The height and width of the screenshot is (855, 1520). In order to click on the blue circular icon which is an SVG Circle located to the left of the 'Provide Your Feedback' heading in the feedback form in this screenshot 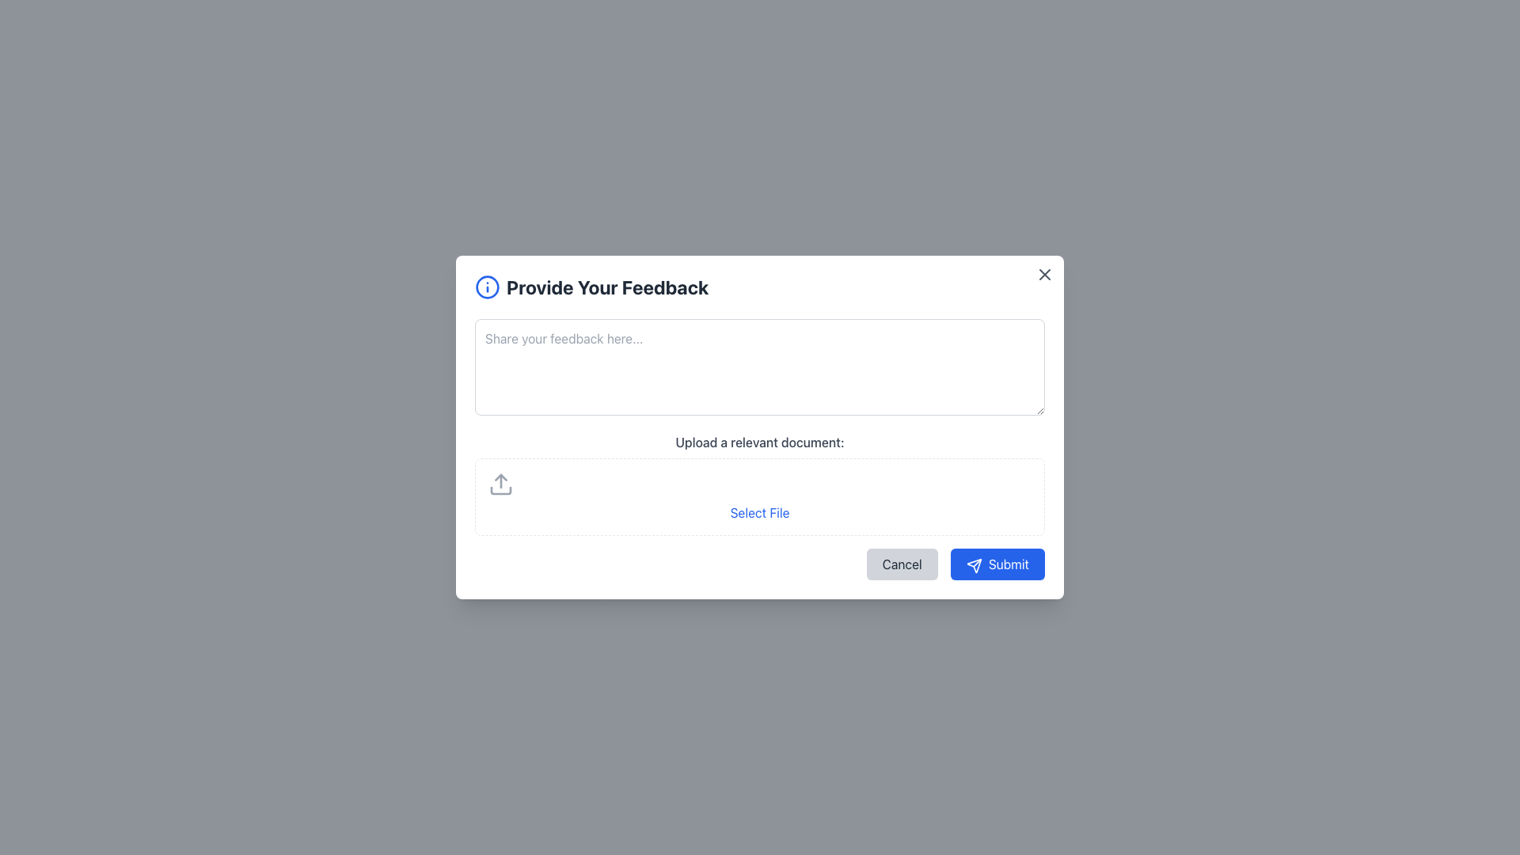, I will do `click(486, 287)`.